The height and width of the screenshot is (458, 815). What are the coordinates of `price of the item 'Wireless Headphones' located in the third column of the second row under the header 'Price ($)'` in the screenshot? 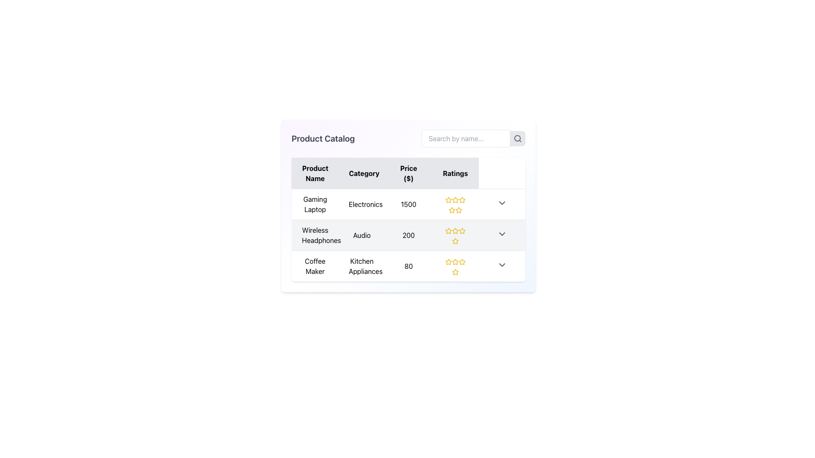 It's located at (408, 235).